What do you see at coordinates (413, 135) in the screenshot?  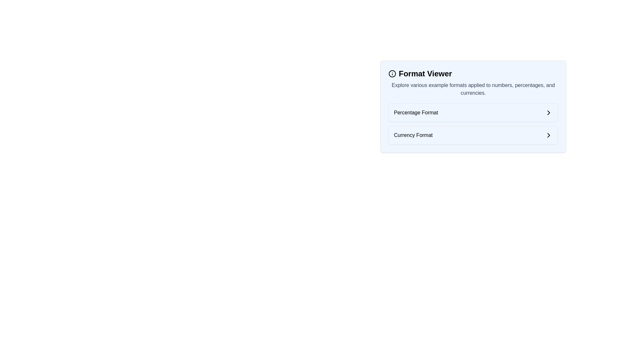 I see `the second label in the vertically arranged list that allows users` at bounding box center [413, 135].